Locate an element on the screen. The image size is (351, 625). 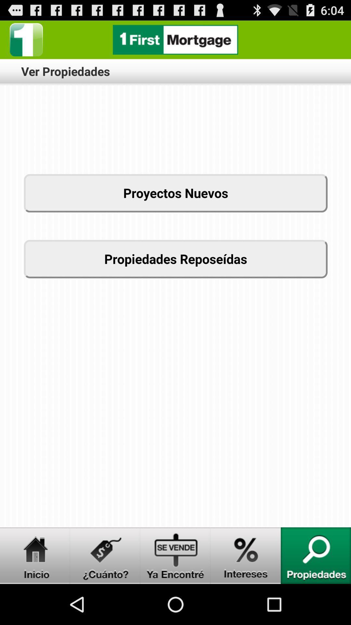
the label icon is located at coordinates (105, 594).